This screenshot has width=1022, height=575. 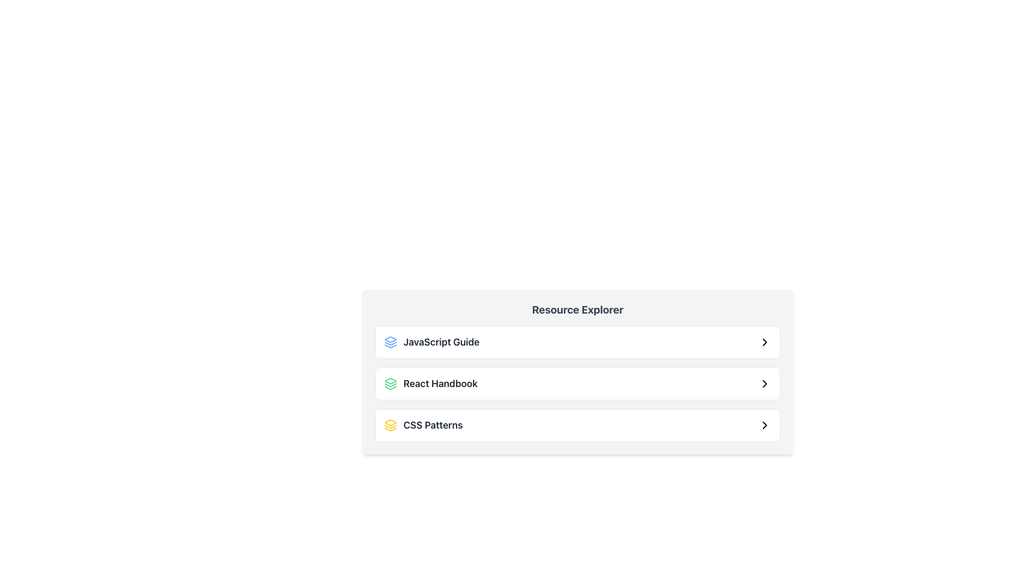 I want to click on the decorative icon representing 'CSS Patterns' located in the bottom entry of the 'Resource Explorer' list, to the left of the text 'CSS Patterns', so click(x=390, y=424).